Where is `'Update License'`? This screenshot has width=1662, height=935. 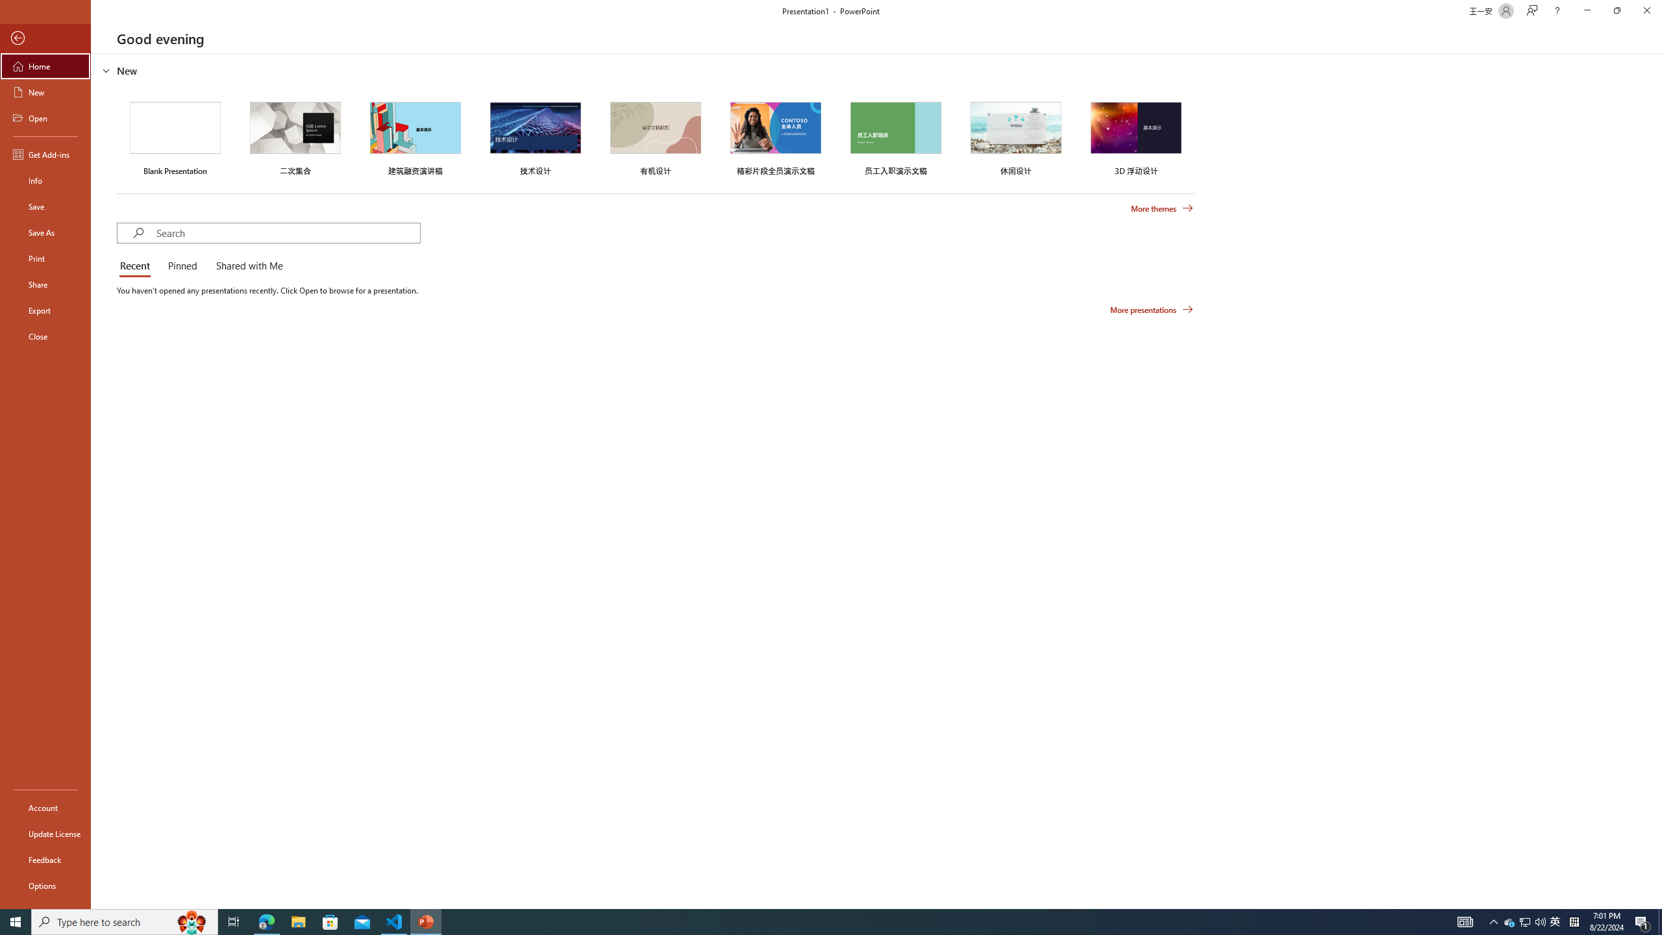
'Update License' is located at coordinates (45, 833).